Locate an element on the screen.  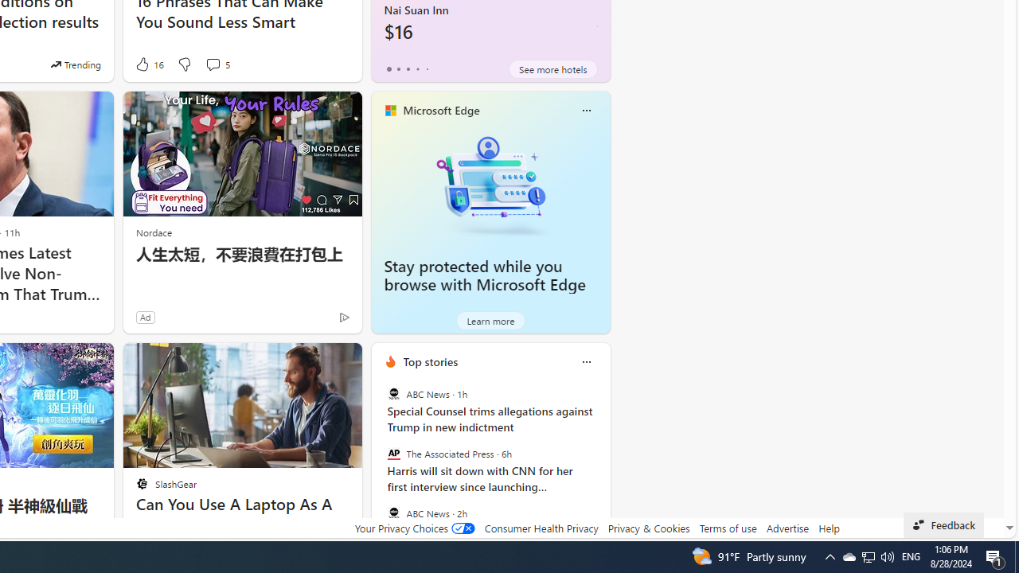
'tab-4' is located at coordinates (427, 68).